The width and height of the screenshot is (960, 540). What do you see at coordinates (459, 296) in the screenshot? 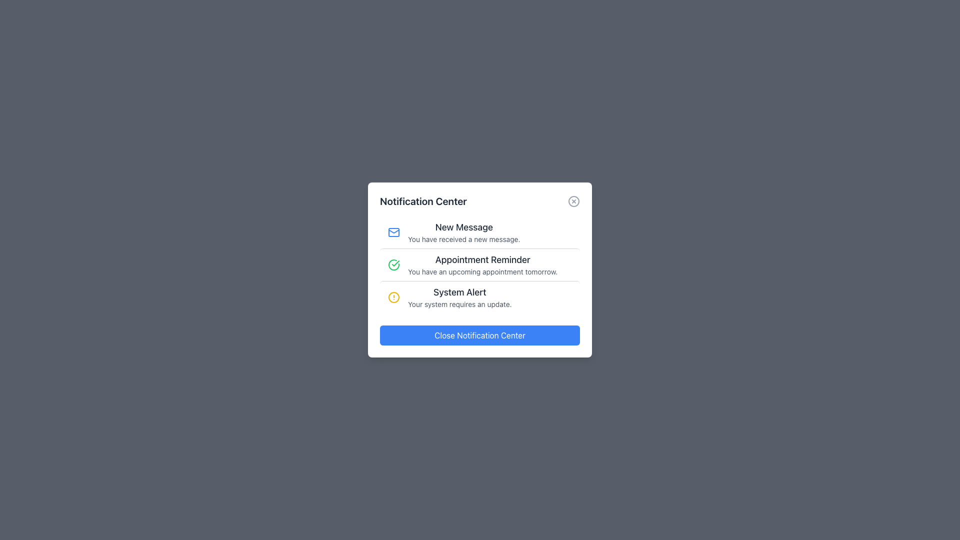
I see `text in the notification block that informs the user of a system update requirement, which is located in the 'Notification Center' card, positioned beneath 'Appointment Reminder.'` at bounding box center [459, 296].